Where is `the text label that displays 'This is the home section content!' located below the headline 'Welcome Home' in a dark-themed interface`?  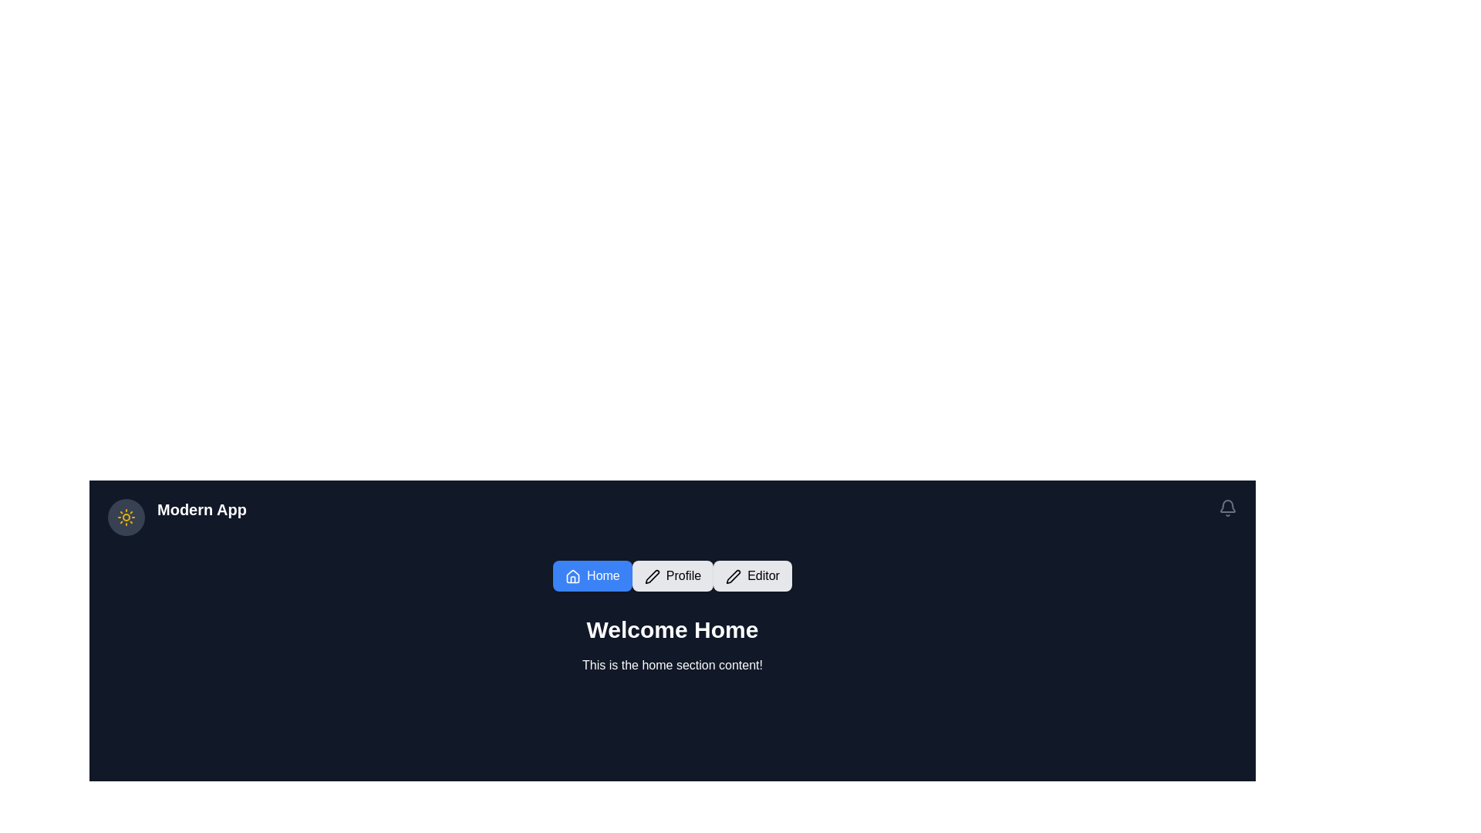 the text label that displays 'This is the home section content!' located below the headline 'Welcome Home' in a dark-themed interface is located at coordinates (673, 665).